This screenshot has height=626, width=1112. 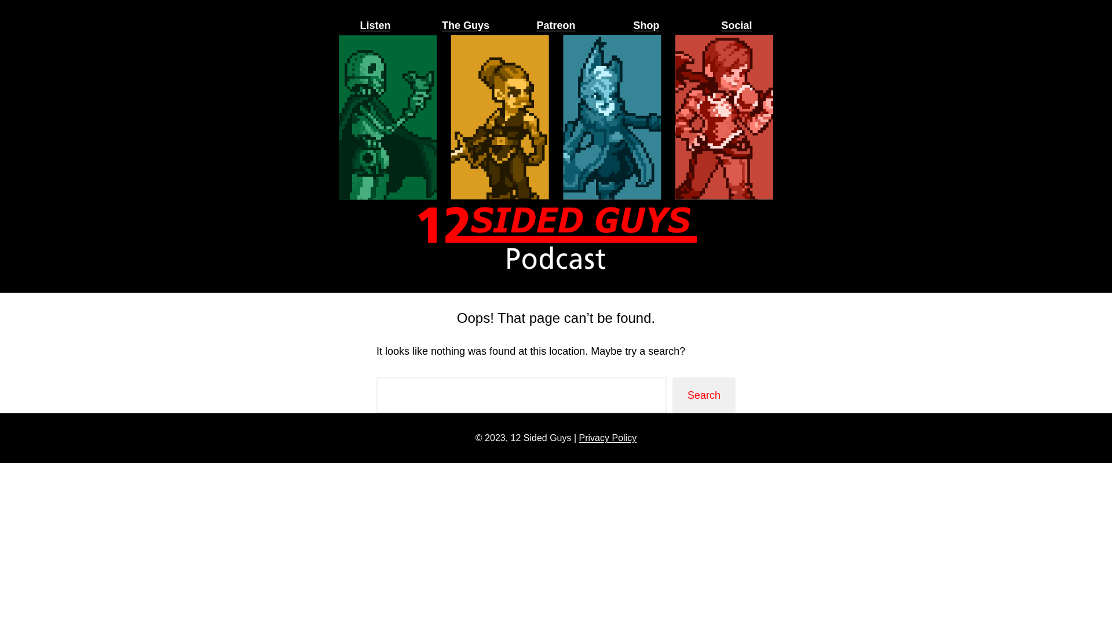 I want to click on 'Shop', so click(x=633, y=25).